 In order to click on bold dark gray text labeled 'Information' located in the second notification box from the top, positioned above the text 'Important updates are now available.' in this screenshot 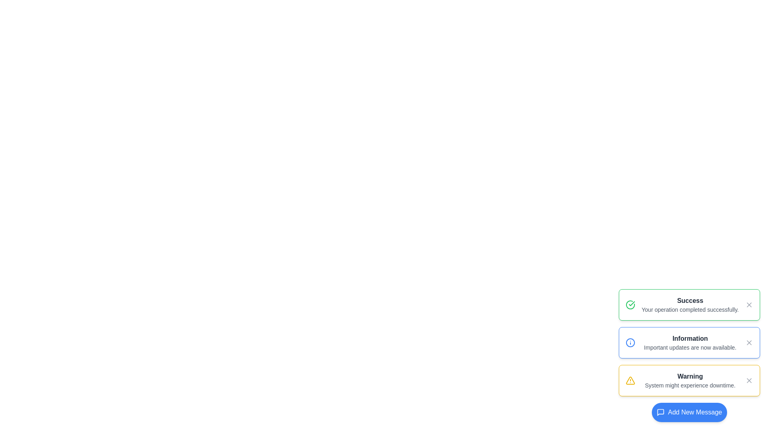, I will do `click(690, 338)`.